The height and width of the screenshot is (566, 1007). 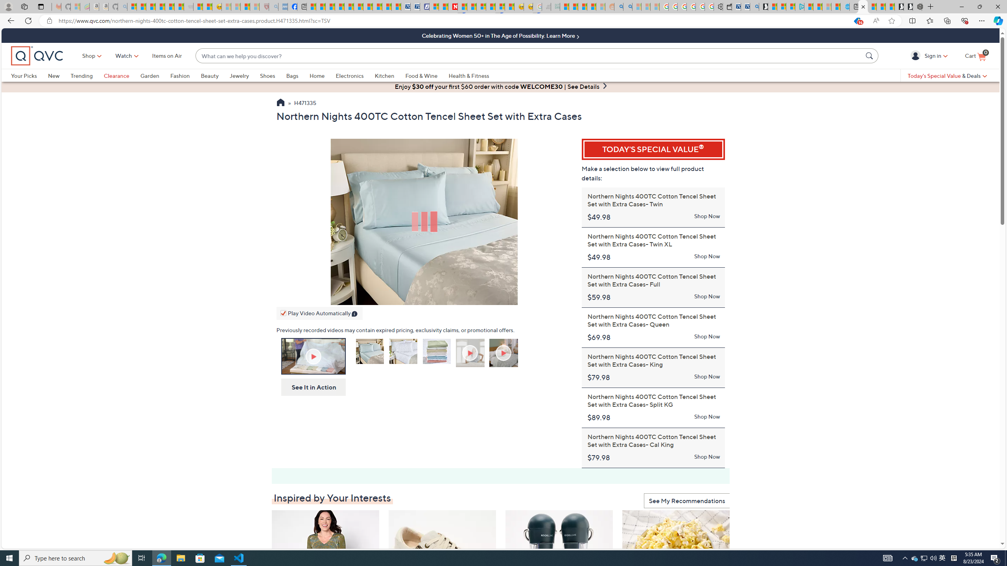 I want to click on 'Jewelry', so click(x=244, y=75).